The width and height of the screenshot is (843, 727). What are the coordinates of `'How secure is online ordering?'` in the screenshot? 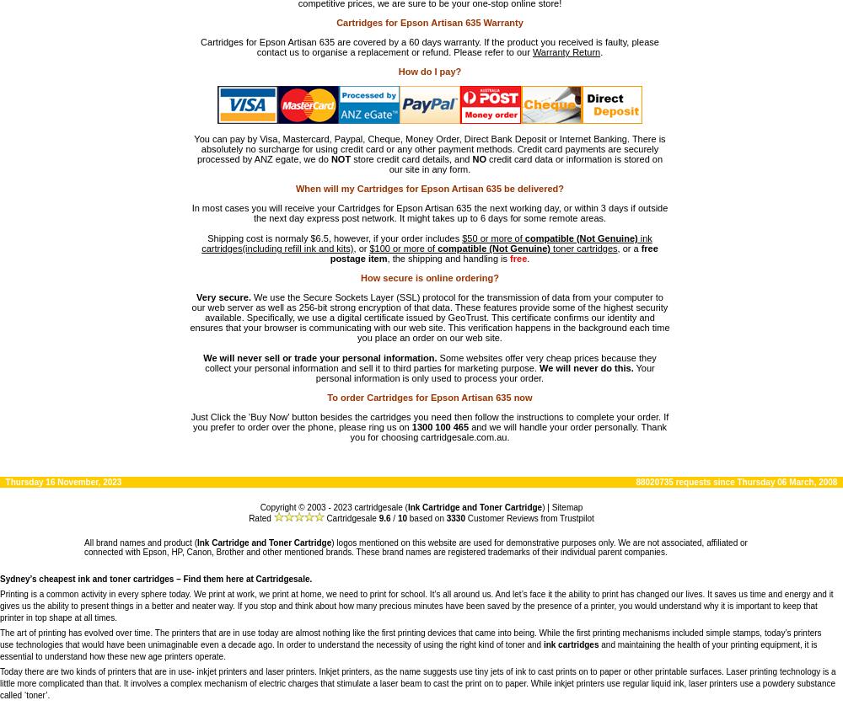 It's located at (429, 277).